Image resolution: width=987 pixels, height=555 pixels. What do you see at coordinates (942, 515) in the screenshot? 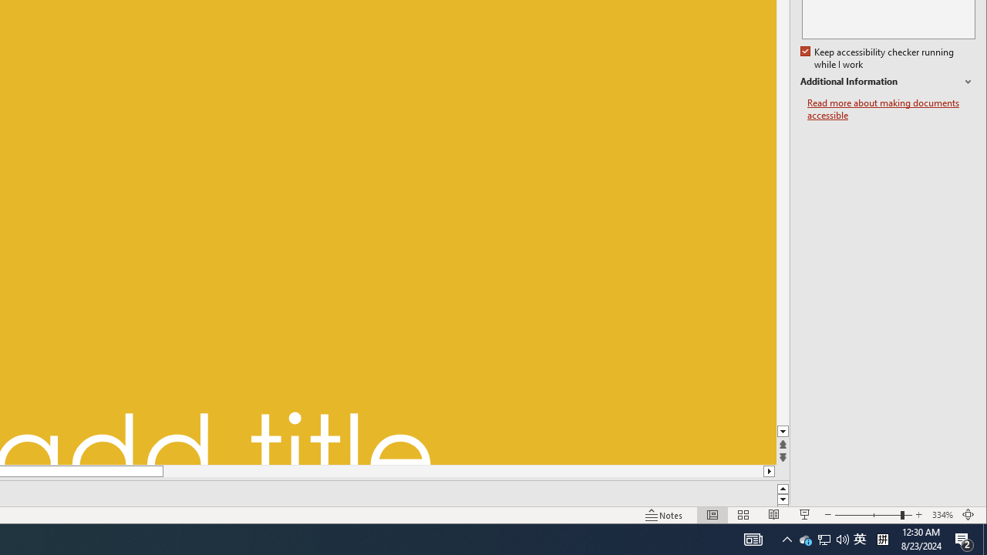
I see `'Zoom 334%'` at bounding box center [942, 515].